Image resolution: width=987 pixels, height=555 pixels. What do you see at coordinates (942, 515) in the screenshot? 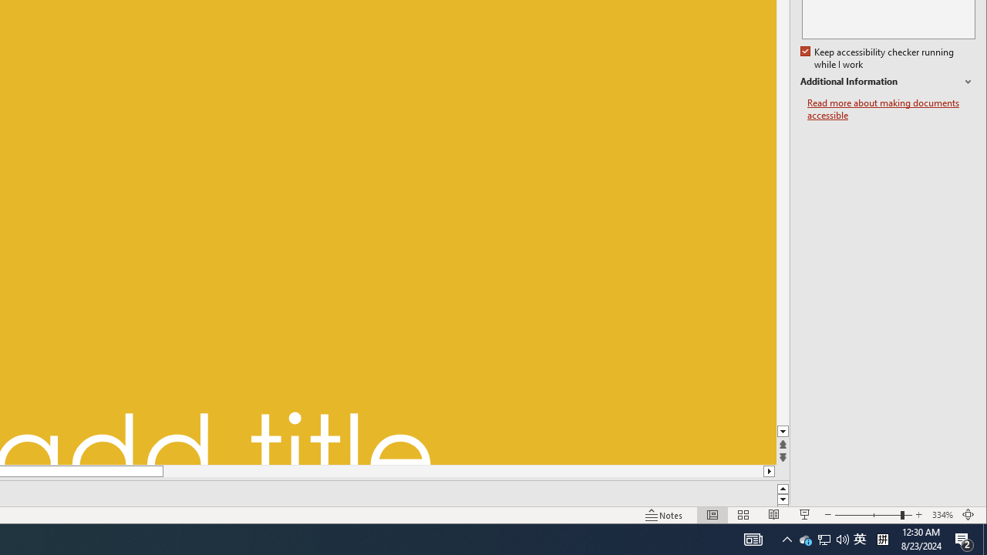
I see `'Zoom 334%'` at bounding box center [942, 515].